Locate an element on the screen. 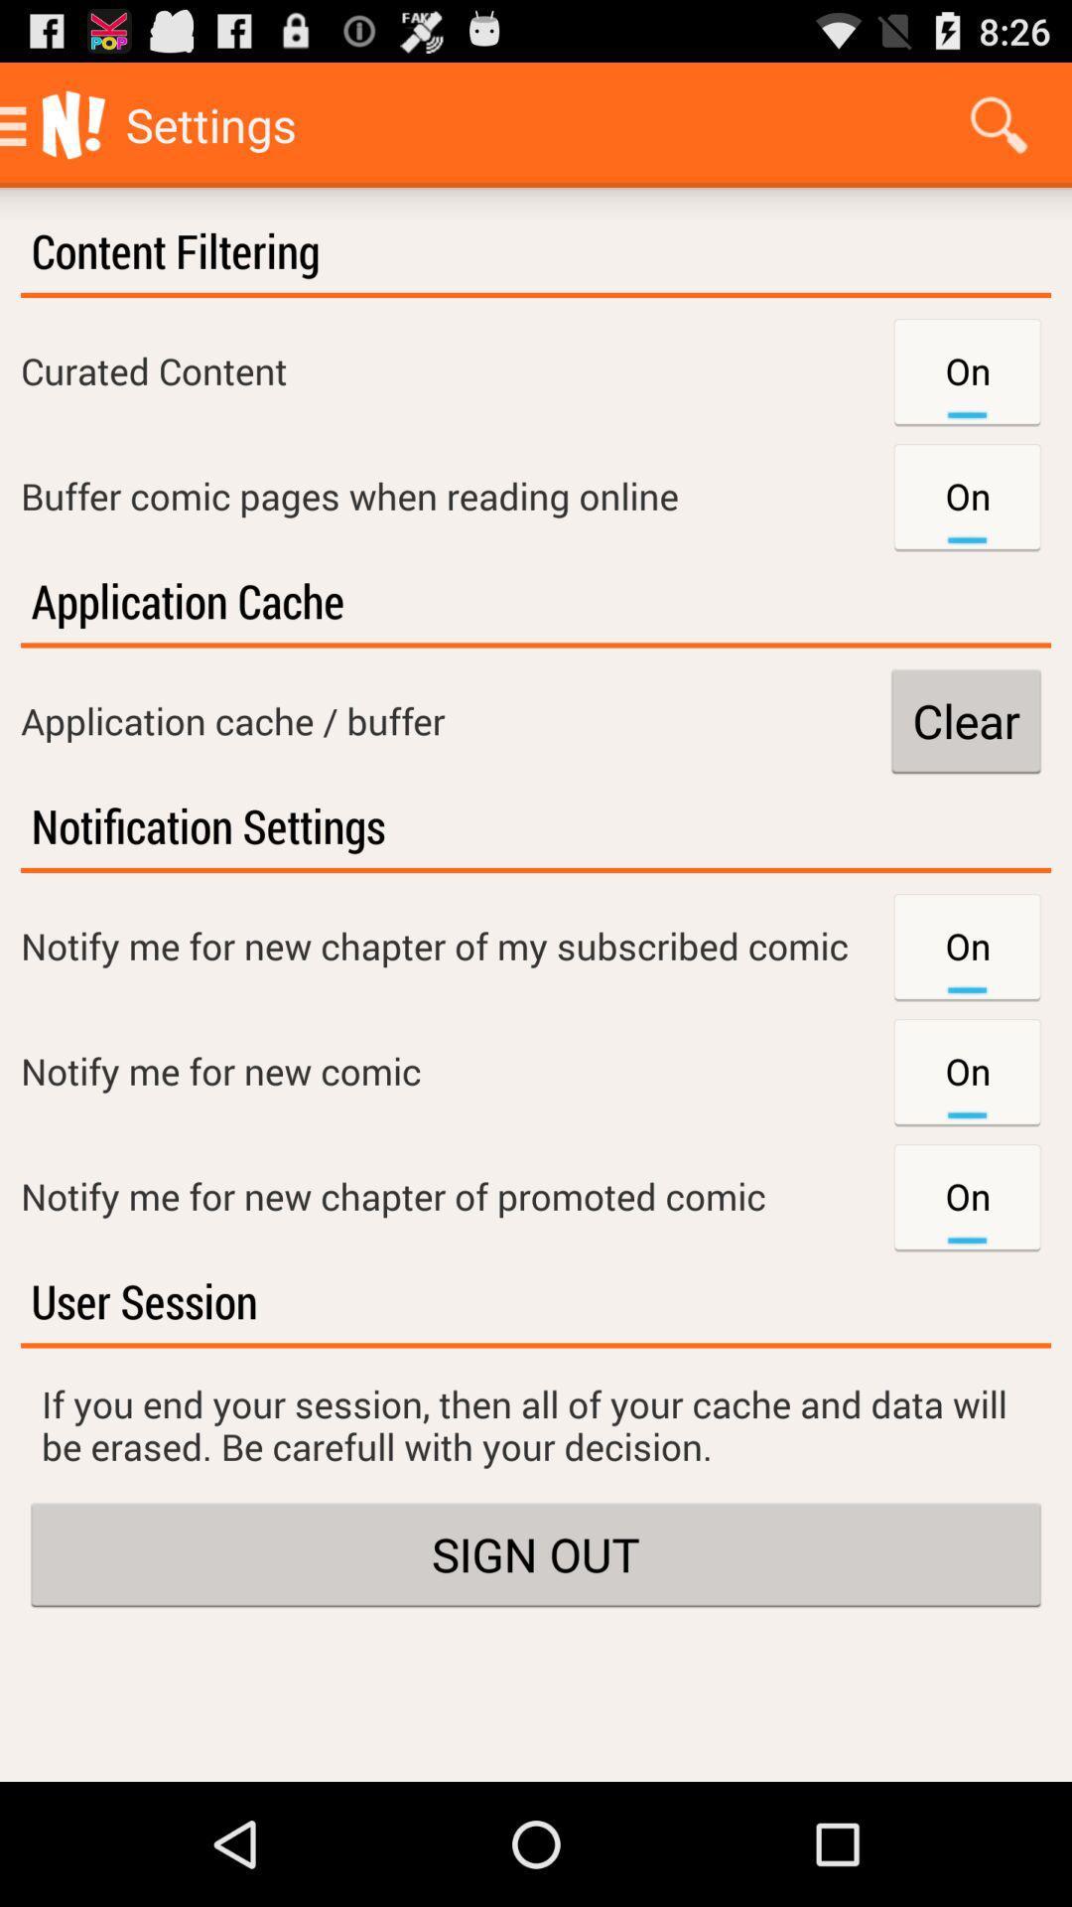  item next to the settings icon is located at coordinates (999, 123).